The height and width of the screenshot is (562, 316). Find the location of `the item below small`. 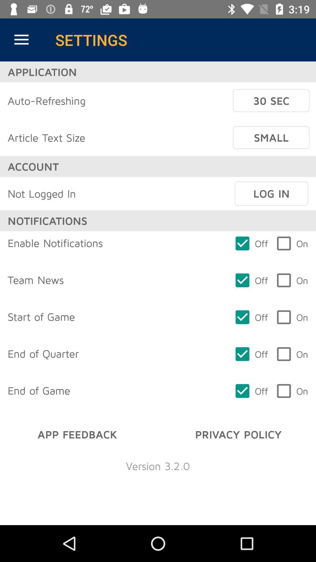

the item below small is located at coordinates (271, 193).